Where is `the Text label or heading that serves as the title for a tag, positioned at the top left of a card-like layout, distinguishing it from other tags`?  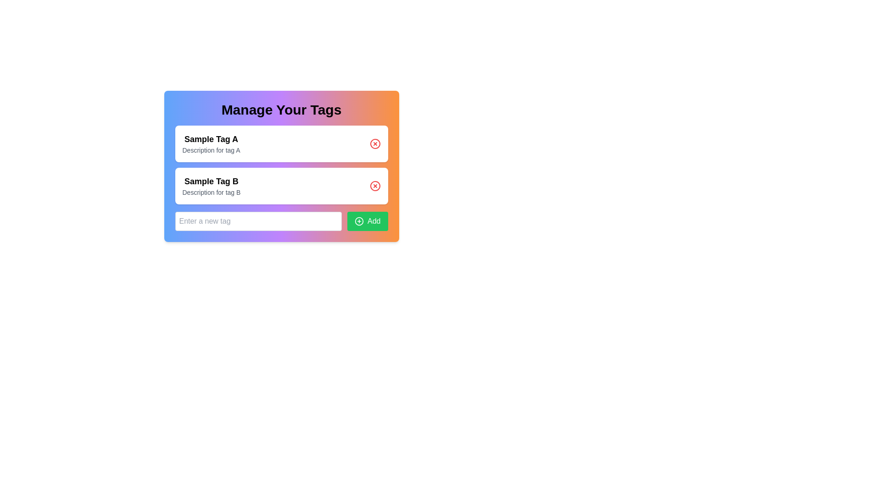 the Text label or heading that serves as the title for a tag, positioned at the top left of a card-like layout, distinguishing it from other tags is located at coordinates (211, 139).